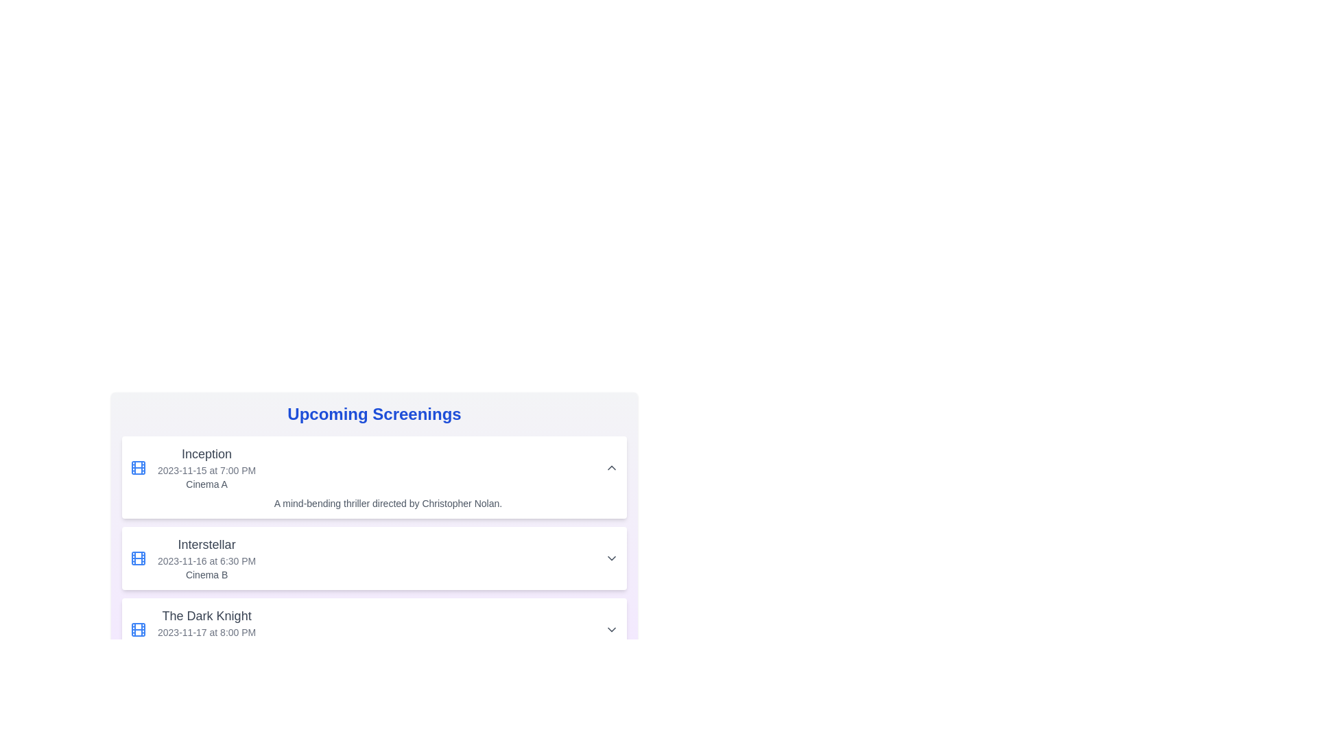 The image size is (1317, 741). What do you see at coordinates (206, 630) in the screenshot?
I see `the text block displaying 'The Dark Knight' with the date and time '2023-11-17 at 8:00 PM' and 'Cinema C', located in the lower part of the interface under 'Upcoming Screenings'` at bounding box center [206, 630].